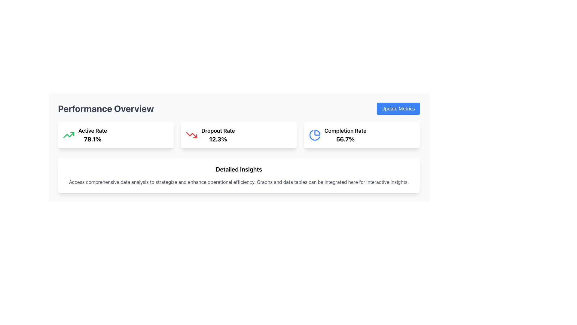 The height and width of the screenshot is (325, 577). I want to click on the bold text displaying the percentage value '56.7%' located in the bottom section of the 'Completion Rate' card, which is the third card among three, so click(345, 139).